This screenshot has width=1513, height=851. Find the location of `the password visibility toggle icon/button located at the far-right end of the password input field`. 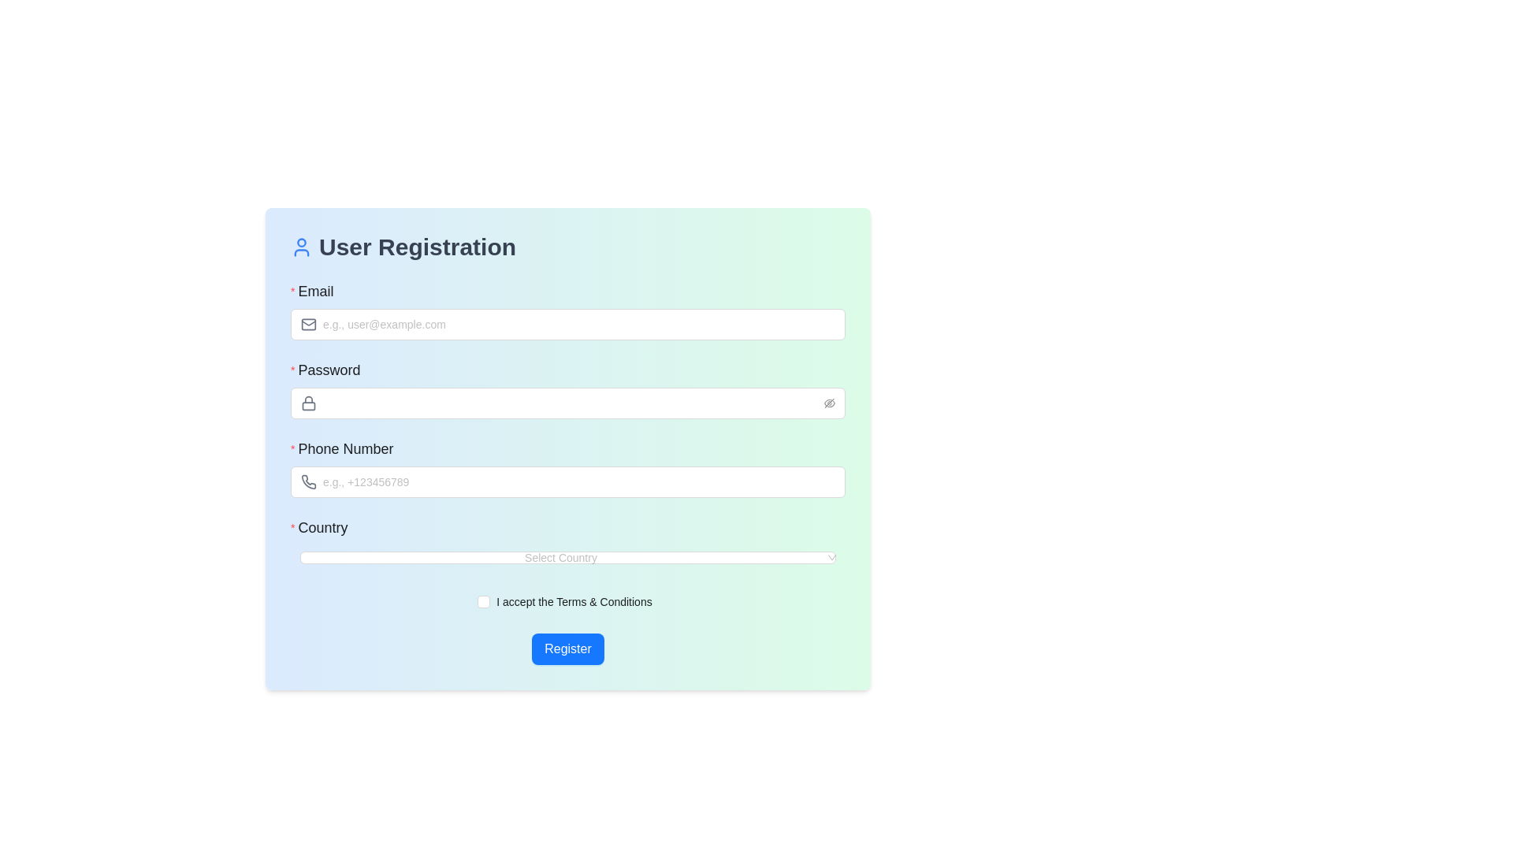

the password visibility toggle icon/button located at the far-right end of the password input field is located at coordinates (828, 403).